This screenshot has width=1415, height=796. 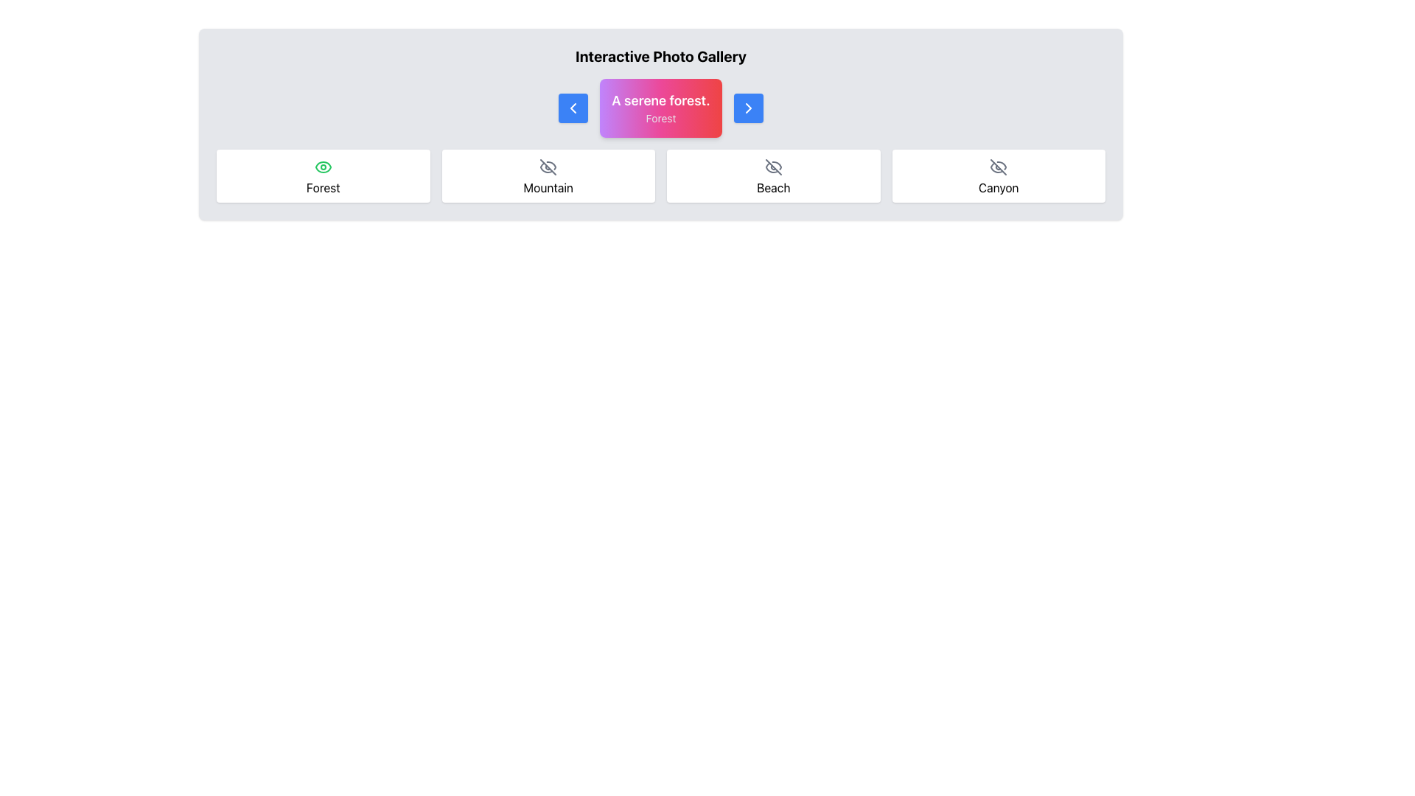 I want to click on the decorative graphic shape of the eye icon located just above the 'Forest' label in the interactive gallery interface, so click(x=322, y=167).